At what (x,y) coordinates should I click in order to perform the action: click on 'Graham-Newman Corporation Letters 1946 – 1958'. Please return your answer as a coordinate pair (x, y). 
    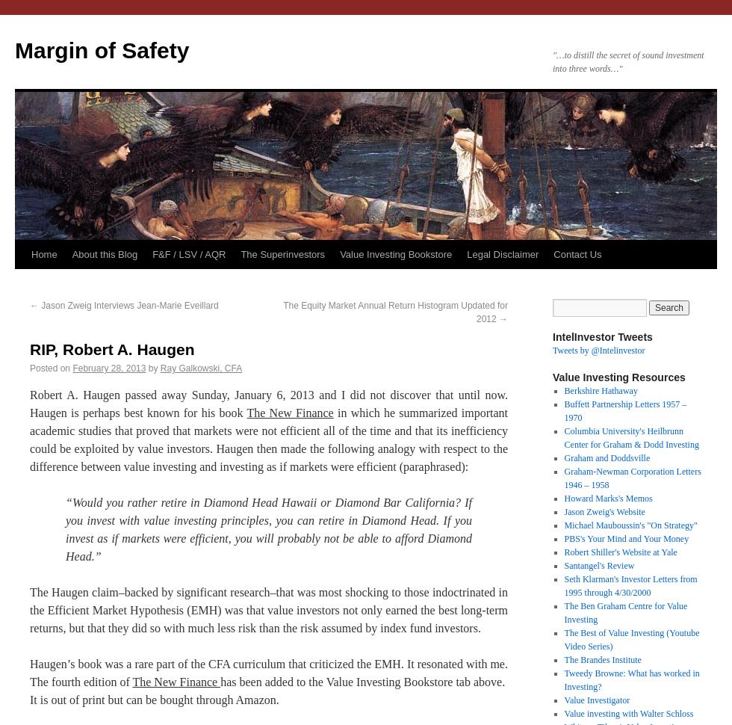
    Looking at the image, I should click on (632, 478).